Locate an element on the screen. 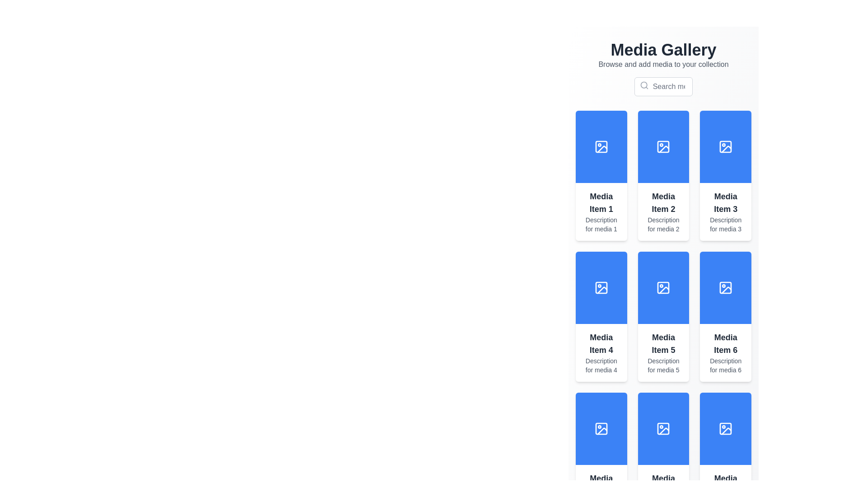  text content of the title and description displayed in the text block located in the third box of the first row in the media grid layout is located at coordinates (726, 212).